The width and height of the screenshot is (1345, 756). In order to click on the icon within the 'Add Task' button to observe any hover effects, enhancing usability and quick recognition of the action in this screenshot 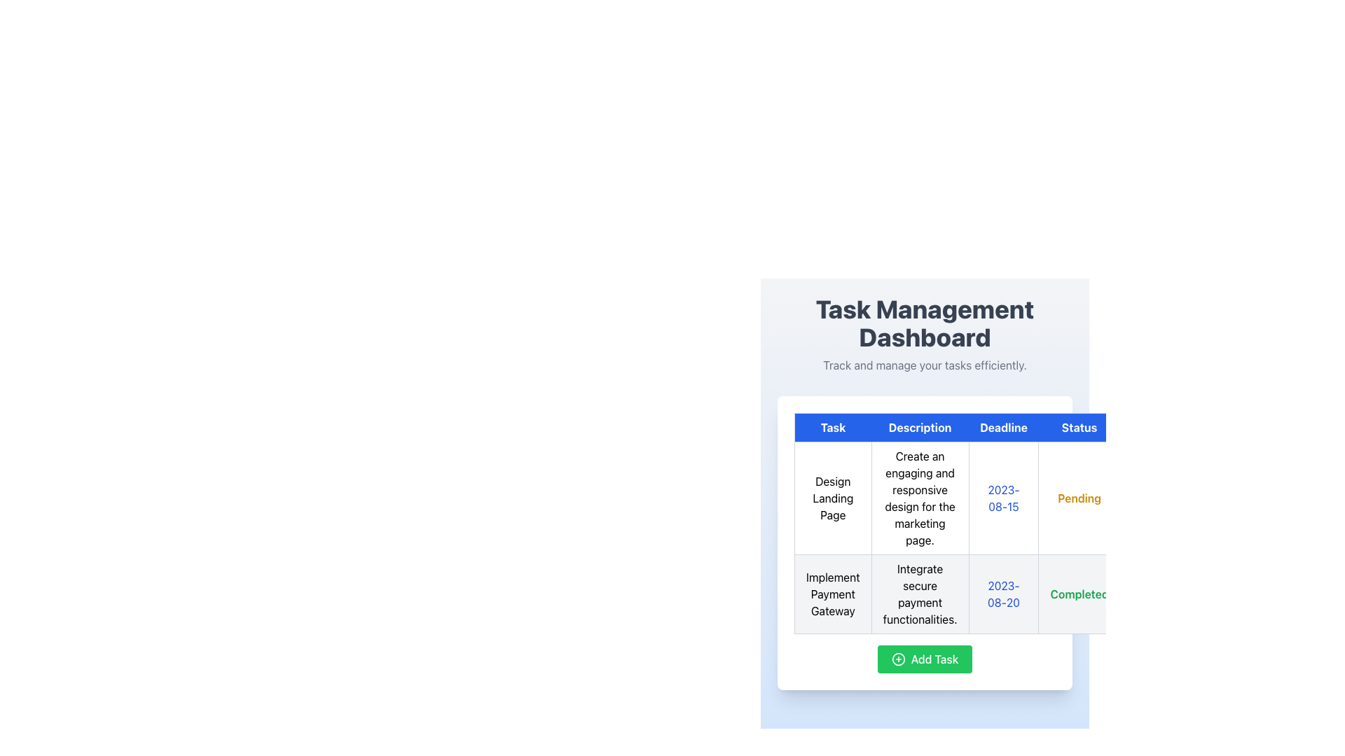, I will do `click(898, 659)`.